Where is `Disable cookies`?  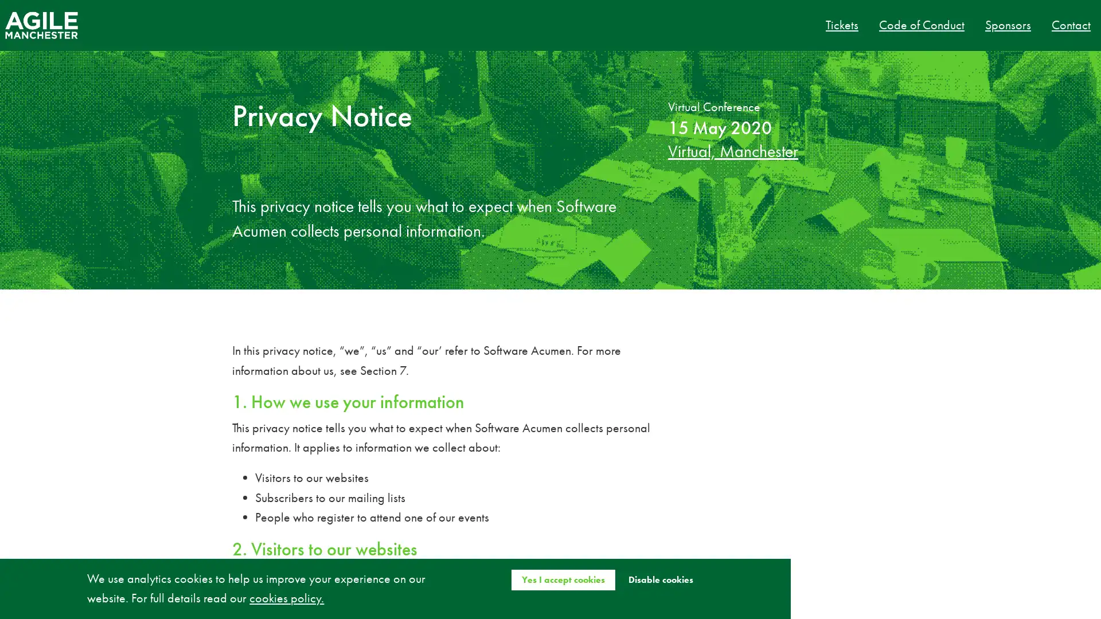 Disable cookies is located at coordinates (660, 579).